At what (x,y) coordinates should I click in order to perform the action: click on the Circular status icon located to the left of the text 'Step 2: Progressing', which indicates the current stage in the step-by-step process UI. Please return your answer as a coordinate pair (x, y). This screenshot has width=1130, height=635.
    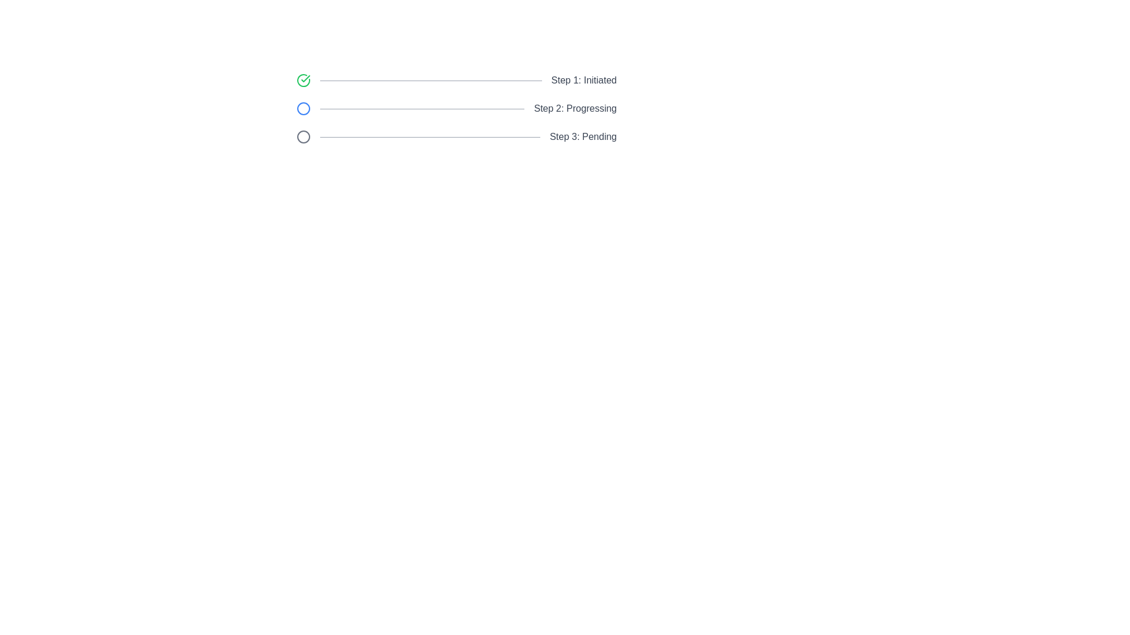
    Looking at the image, I should click on (303, 109).